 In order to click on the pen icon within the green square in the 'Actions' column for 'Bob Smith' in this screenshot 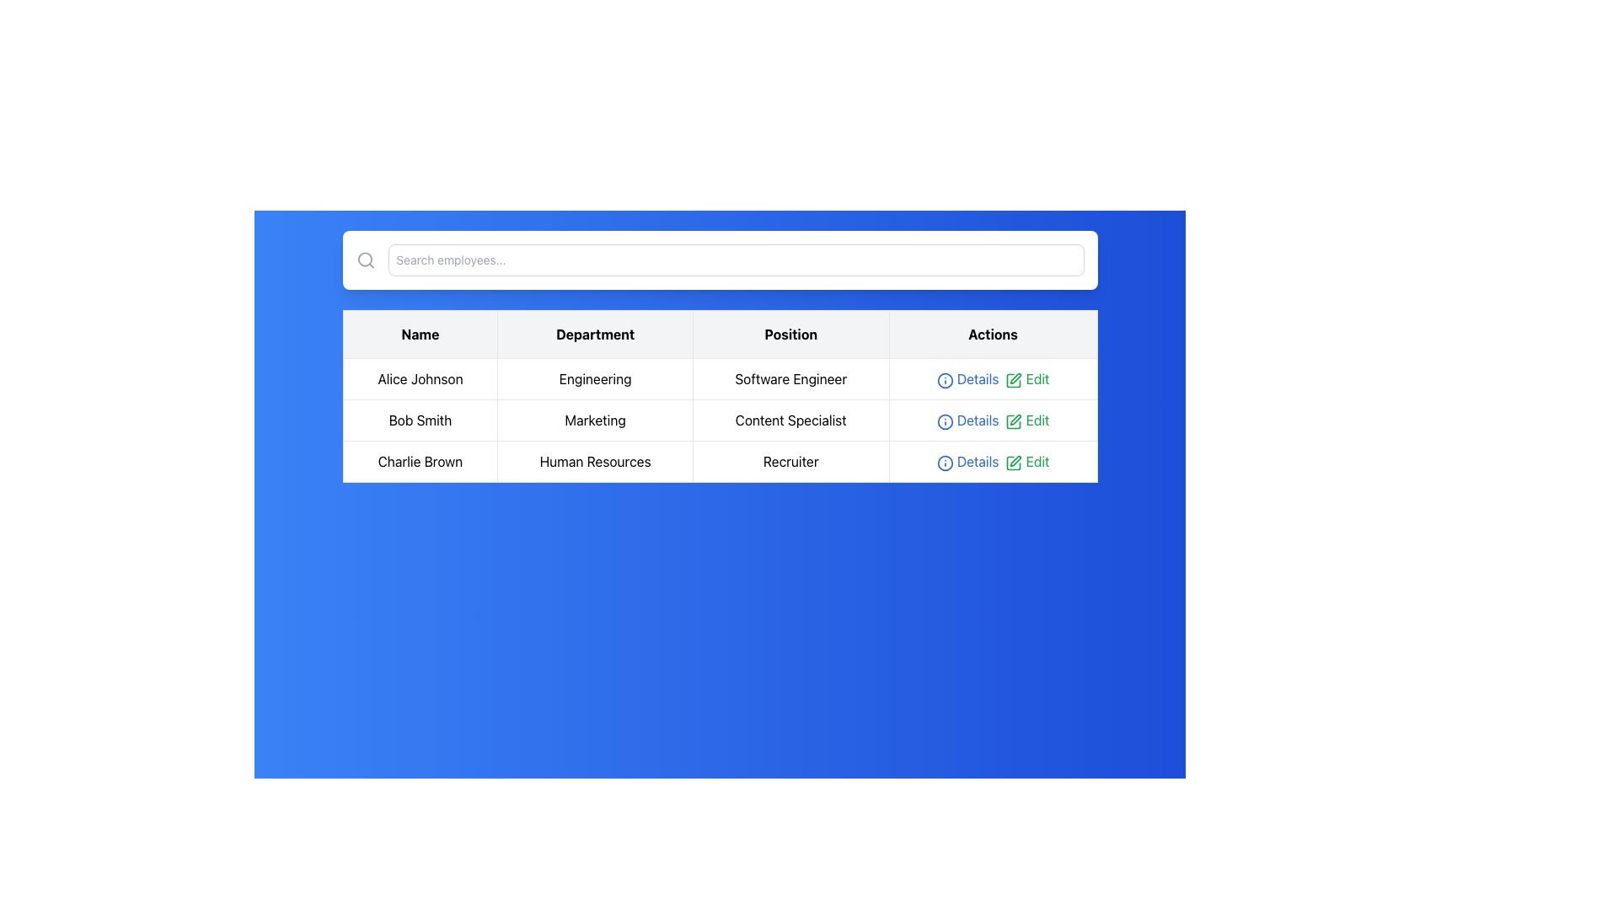, I will do `click(1013, 420)`.